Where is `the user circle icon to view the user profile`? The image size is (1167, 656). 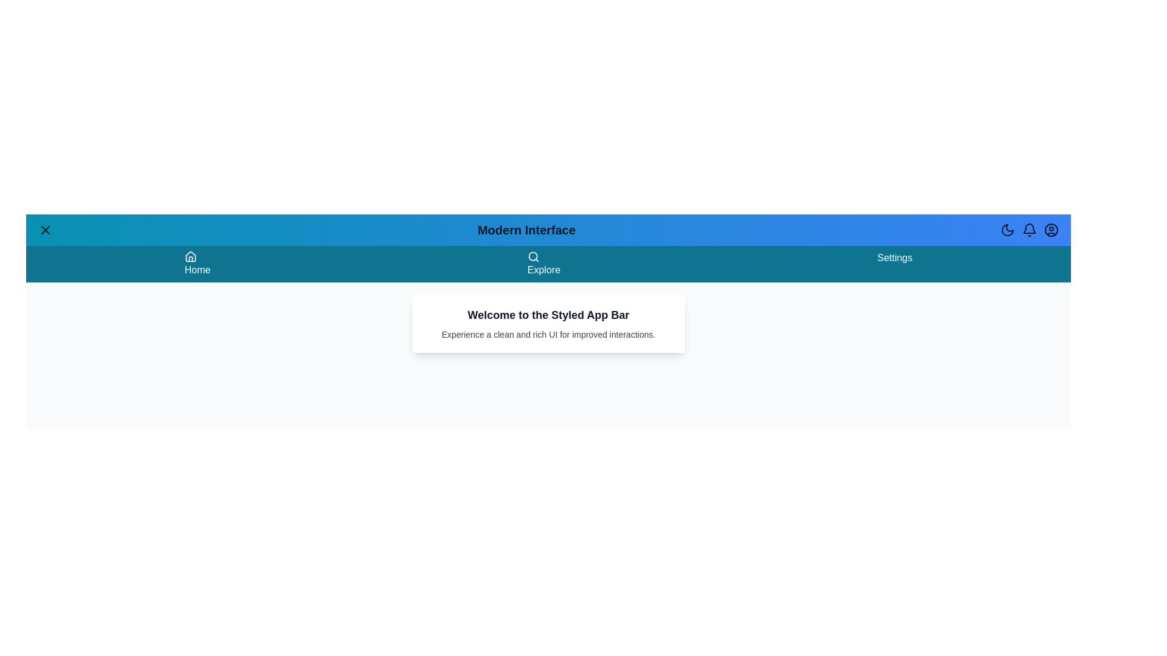 the user circle icon to view the user profile is located at coordinates (1050, 230).